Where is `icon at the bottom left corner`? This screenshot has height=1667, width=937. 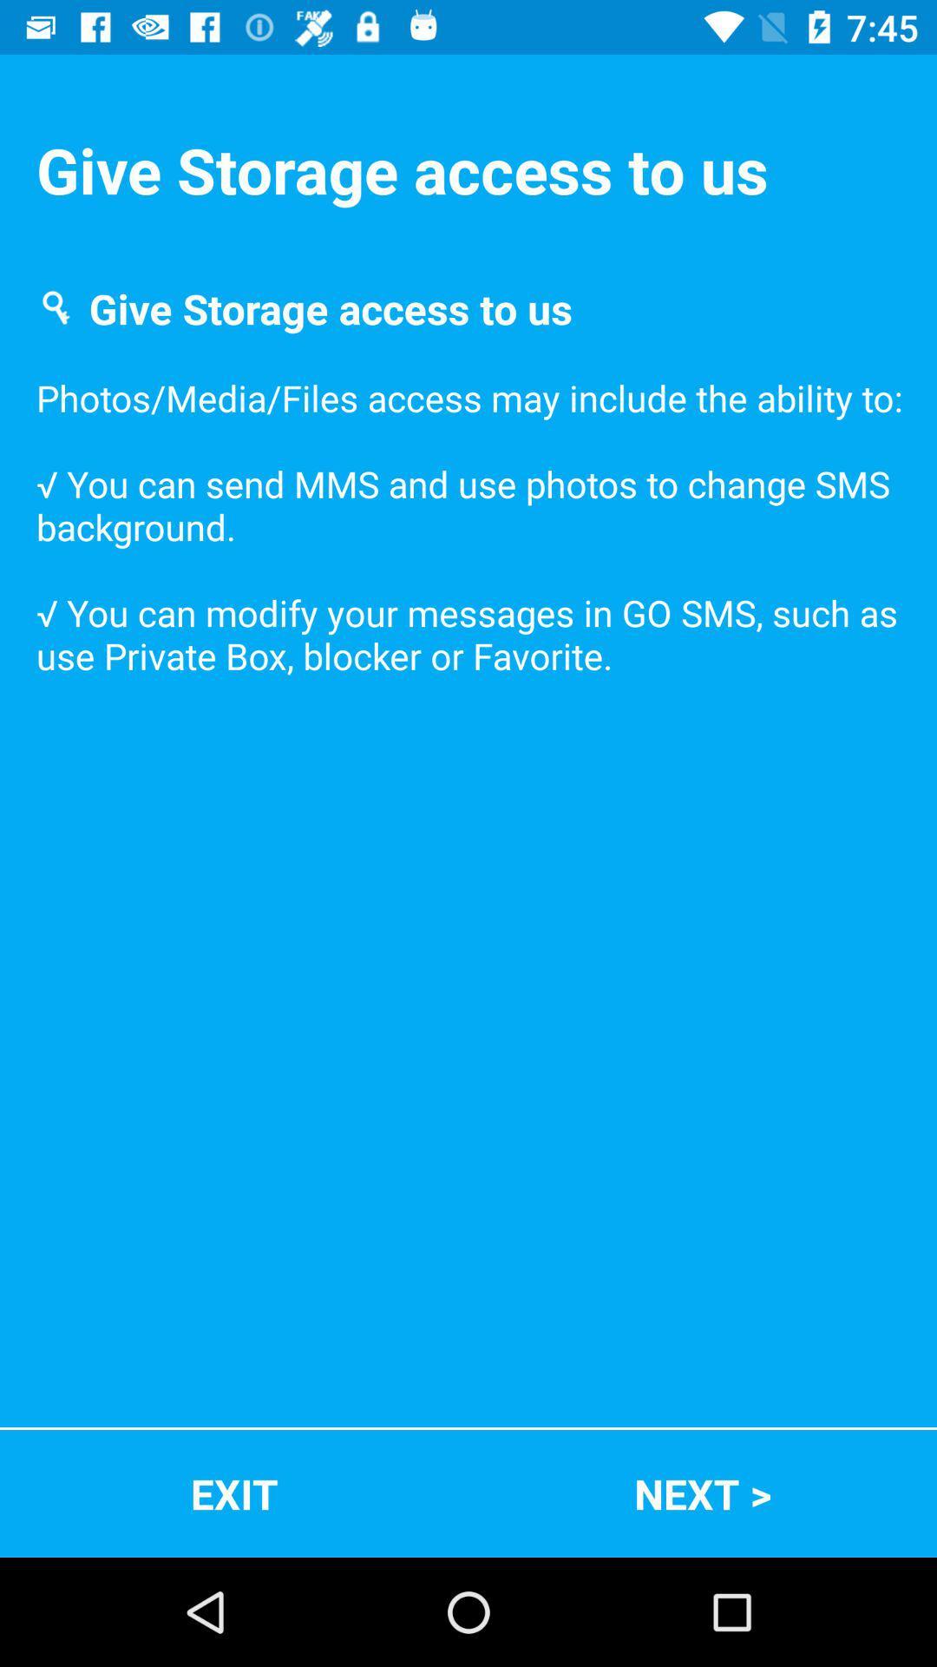
icon at the bottom left corner is located at coordinates (234, 1492).